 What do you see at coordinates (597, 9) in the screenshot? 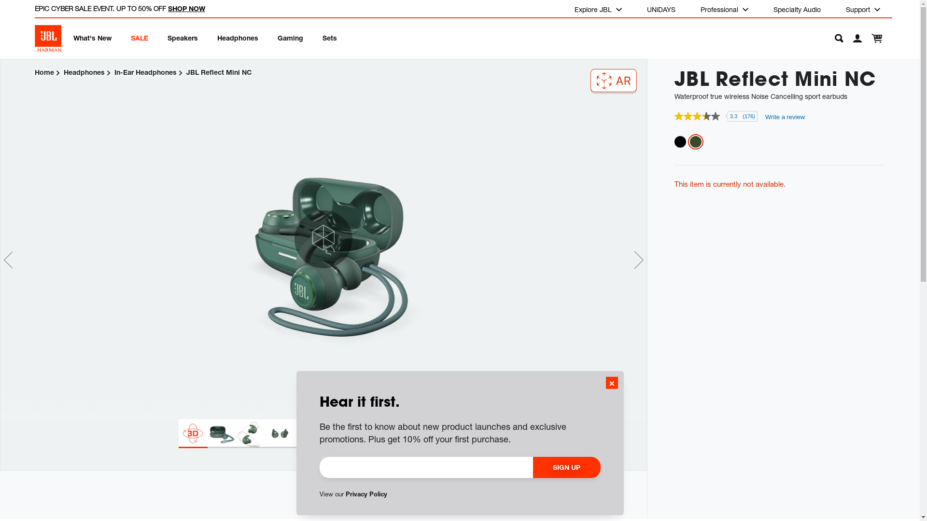
I see `'Explore JBL'` at bounding box center [597, 9].